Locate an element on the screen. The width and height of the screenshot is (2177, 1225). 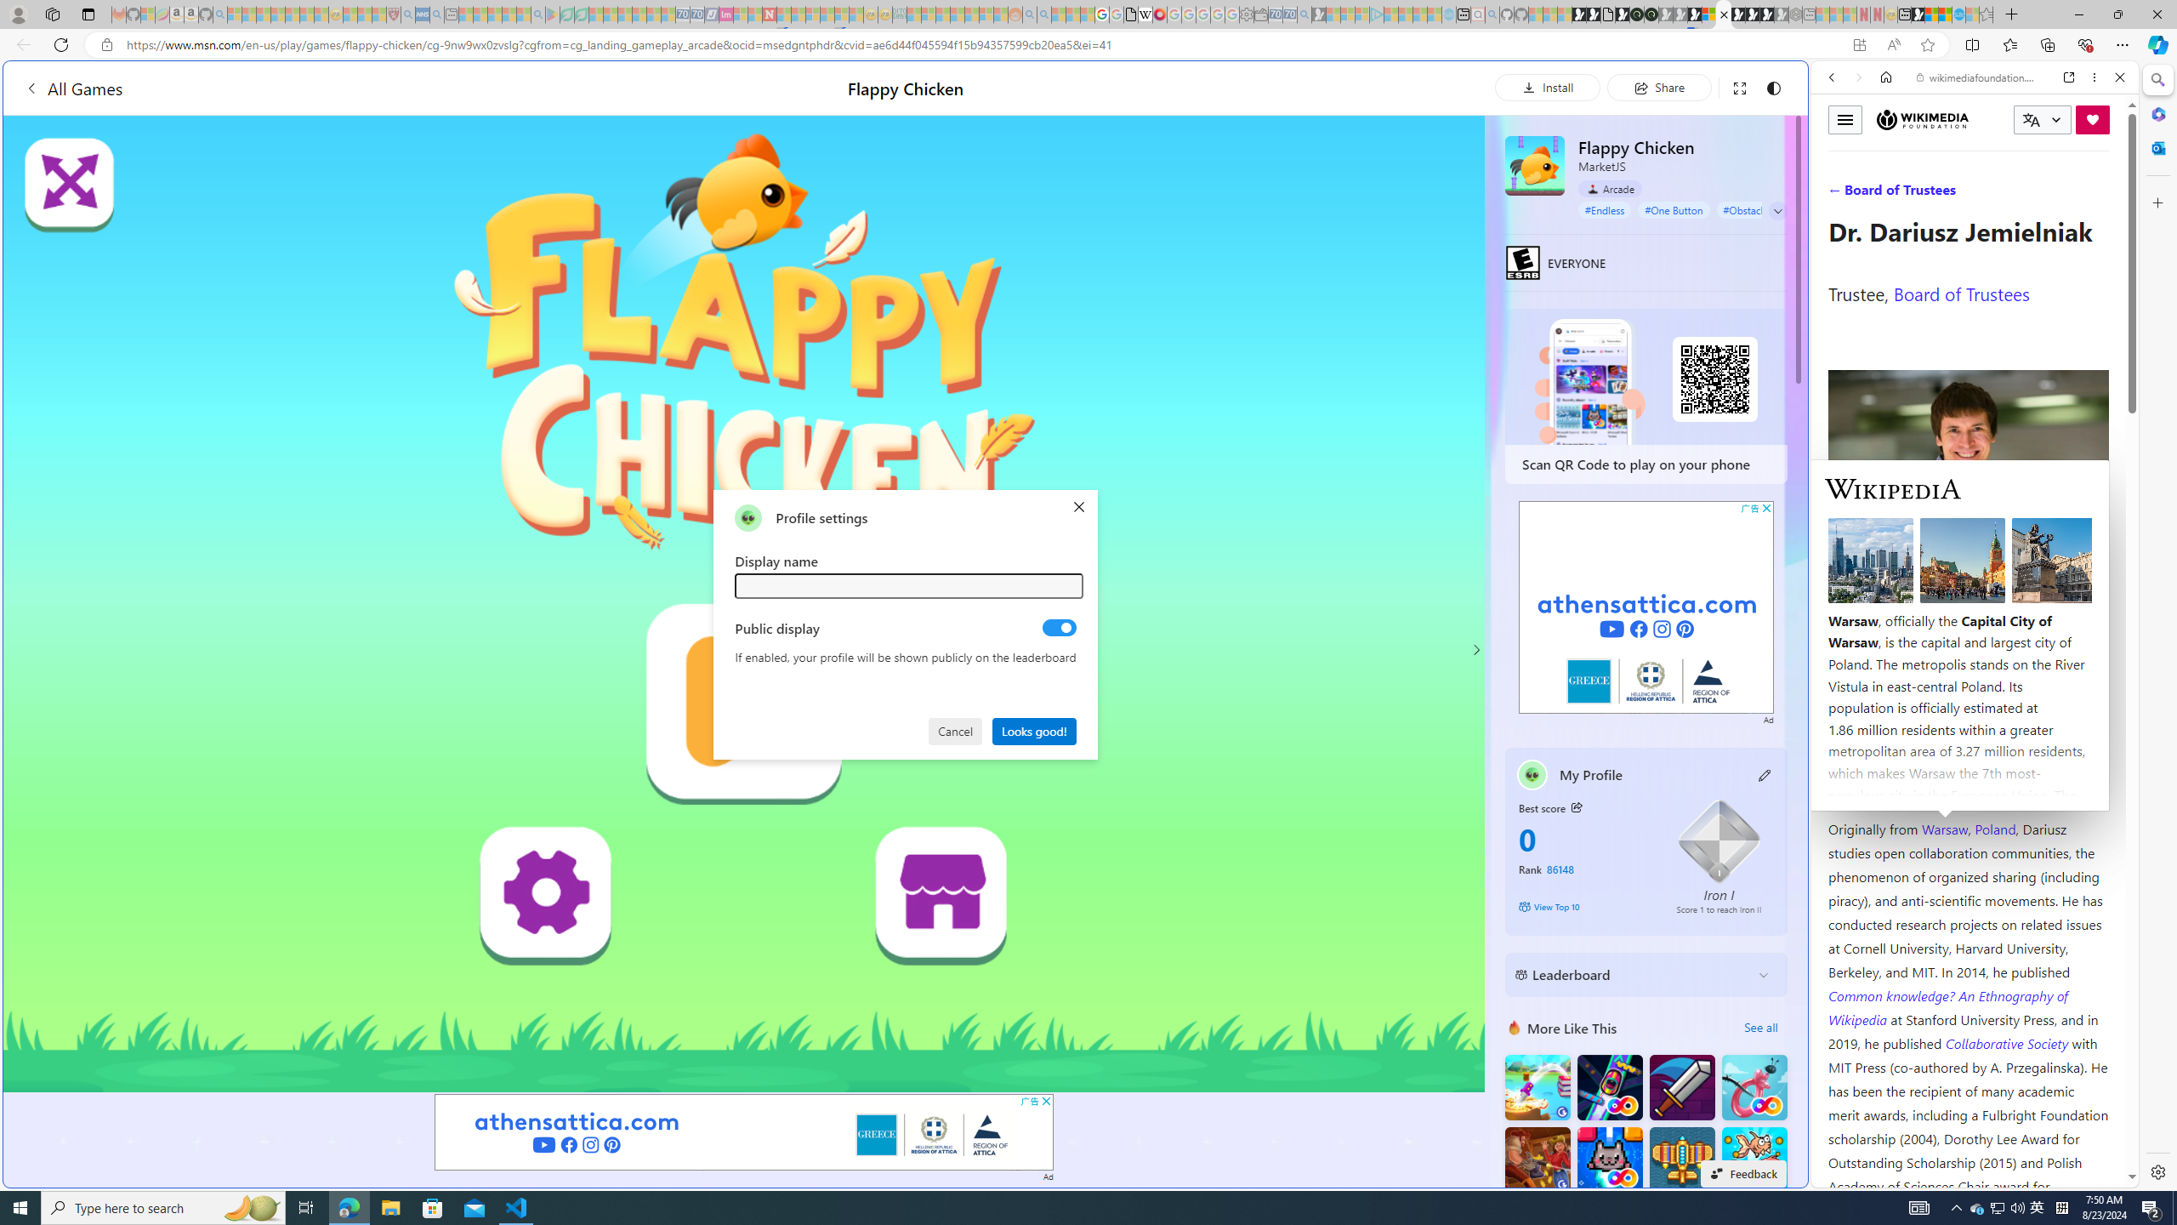
'14 Common Myths Debunked By Scientific Facts - Sleeping' is located at coordinates (797, 14).